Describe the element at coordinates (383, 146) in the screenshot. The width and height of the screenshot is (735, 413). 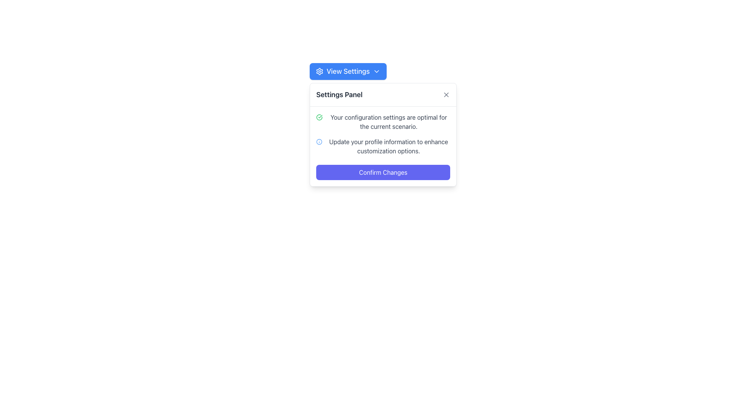
I see `the Informational Message containing the blue circular information icon and the text 'Update your profile information to enhance customization options.' located between 'Your configuration settings are optimal for the current scenario.' and the 'Confirm Changes' button` at that location.